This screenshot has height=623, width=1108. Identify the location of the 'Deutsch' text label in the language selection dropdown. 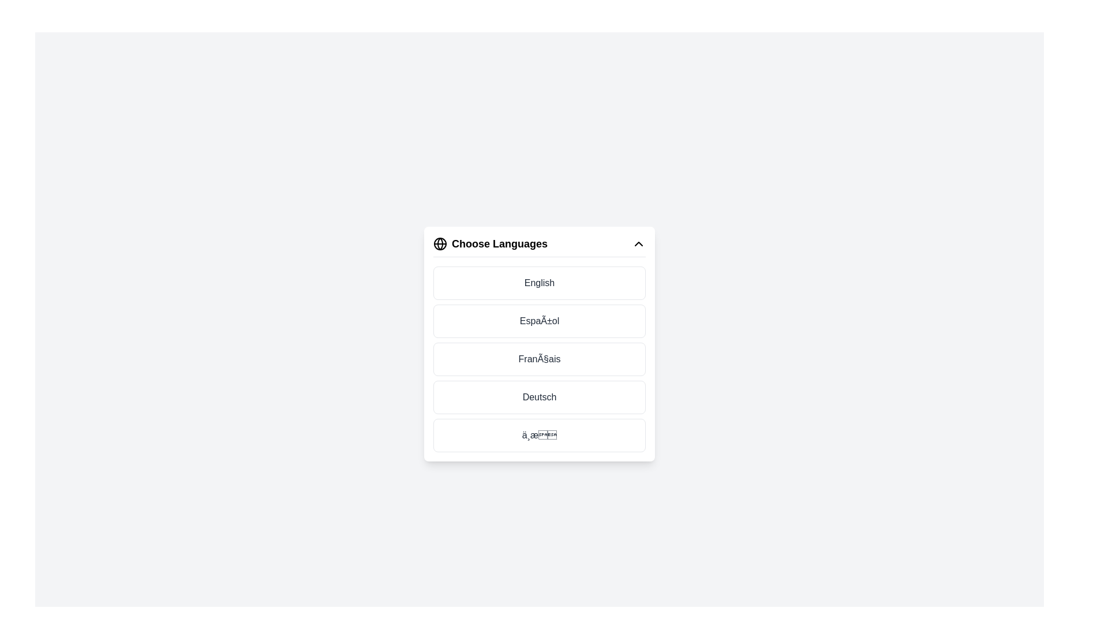
(539, 396).